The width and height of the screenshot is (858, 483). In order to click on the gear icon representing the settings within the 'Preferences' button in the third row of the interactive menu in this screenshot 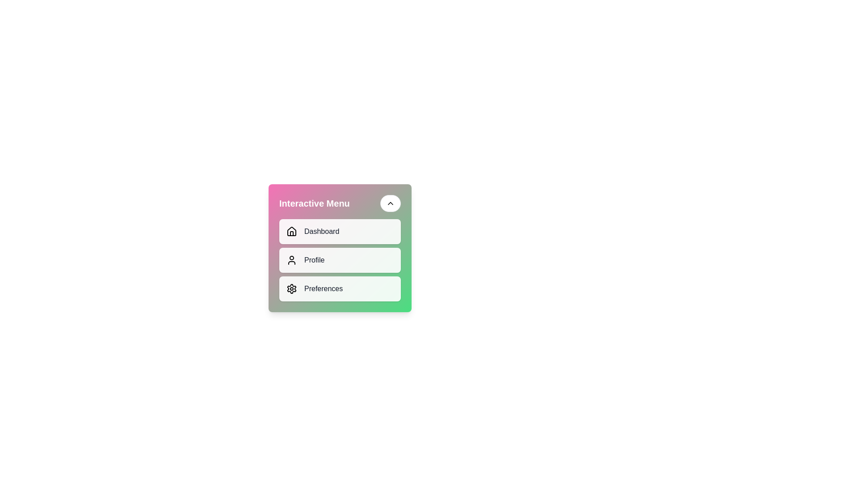, I will do `click(291, 288)`.